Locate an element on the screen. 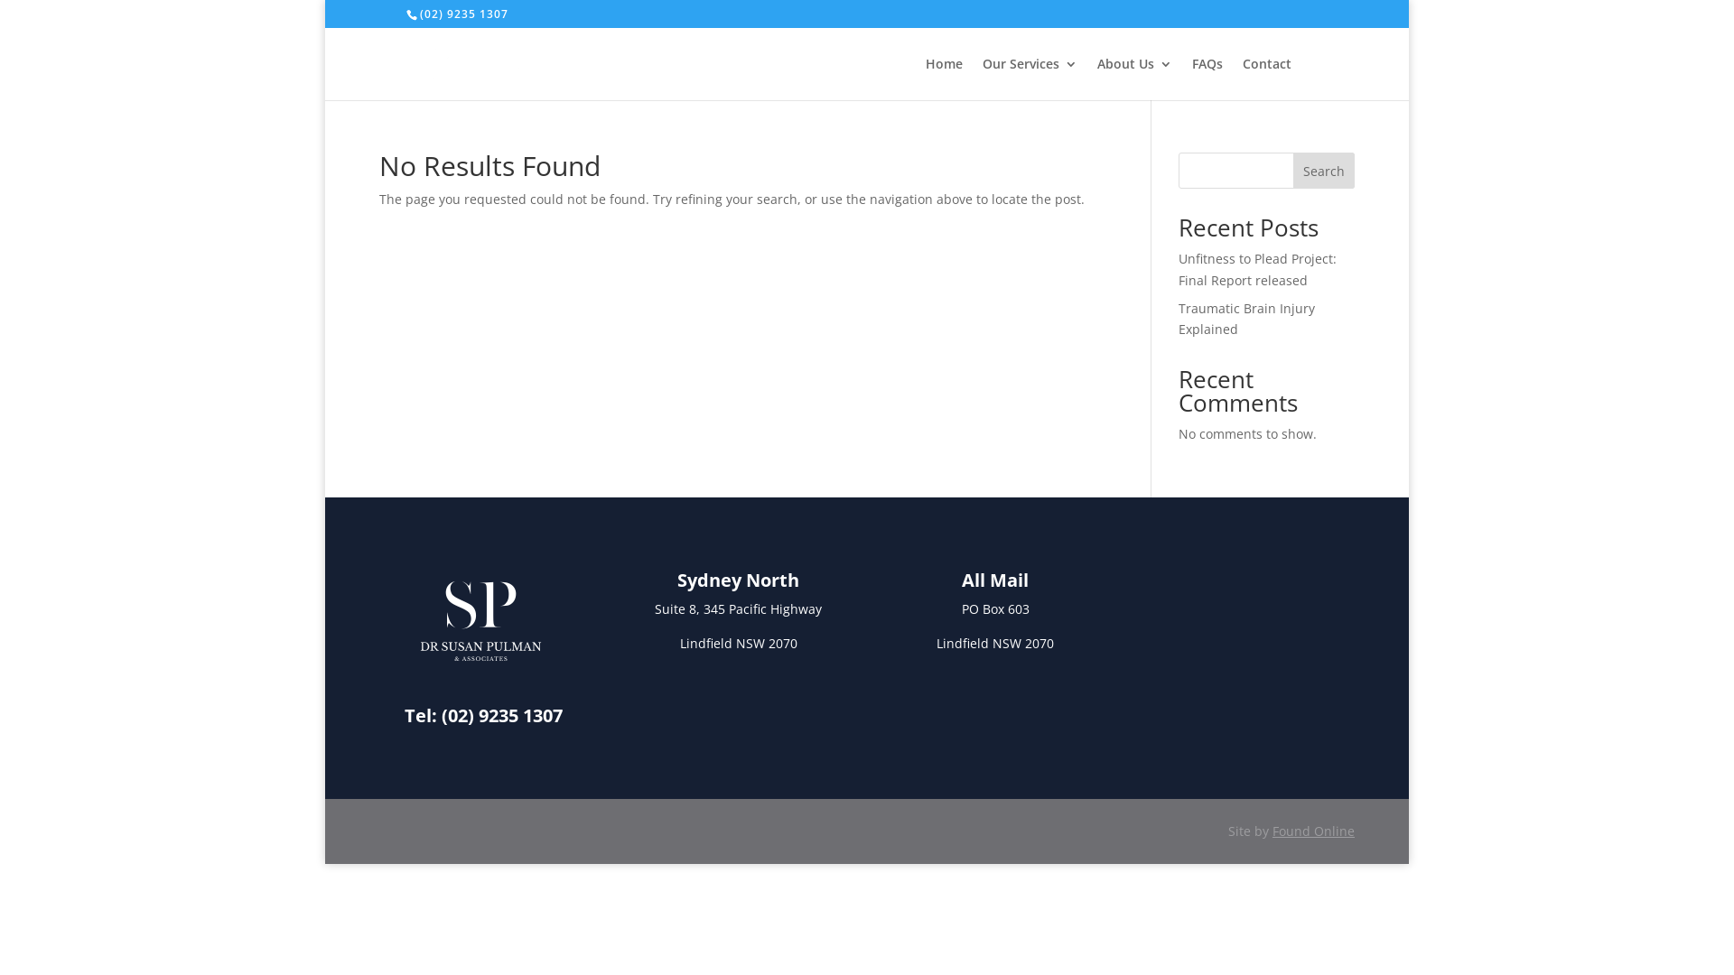 The width and height of the screenshot is (1734, 975). 'Traumatic Brain Injury Explained' is located at coordinates (1245, 318).